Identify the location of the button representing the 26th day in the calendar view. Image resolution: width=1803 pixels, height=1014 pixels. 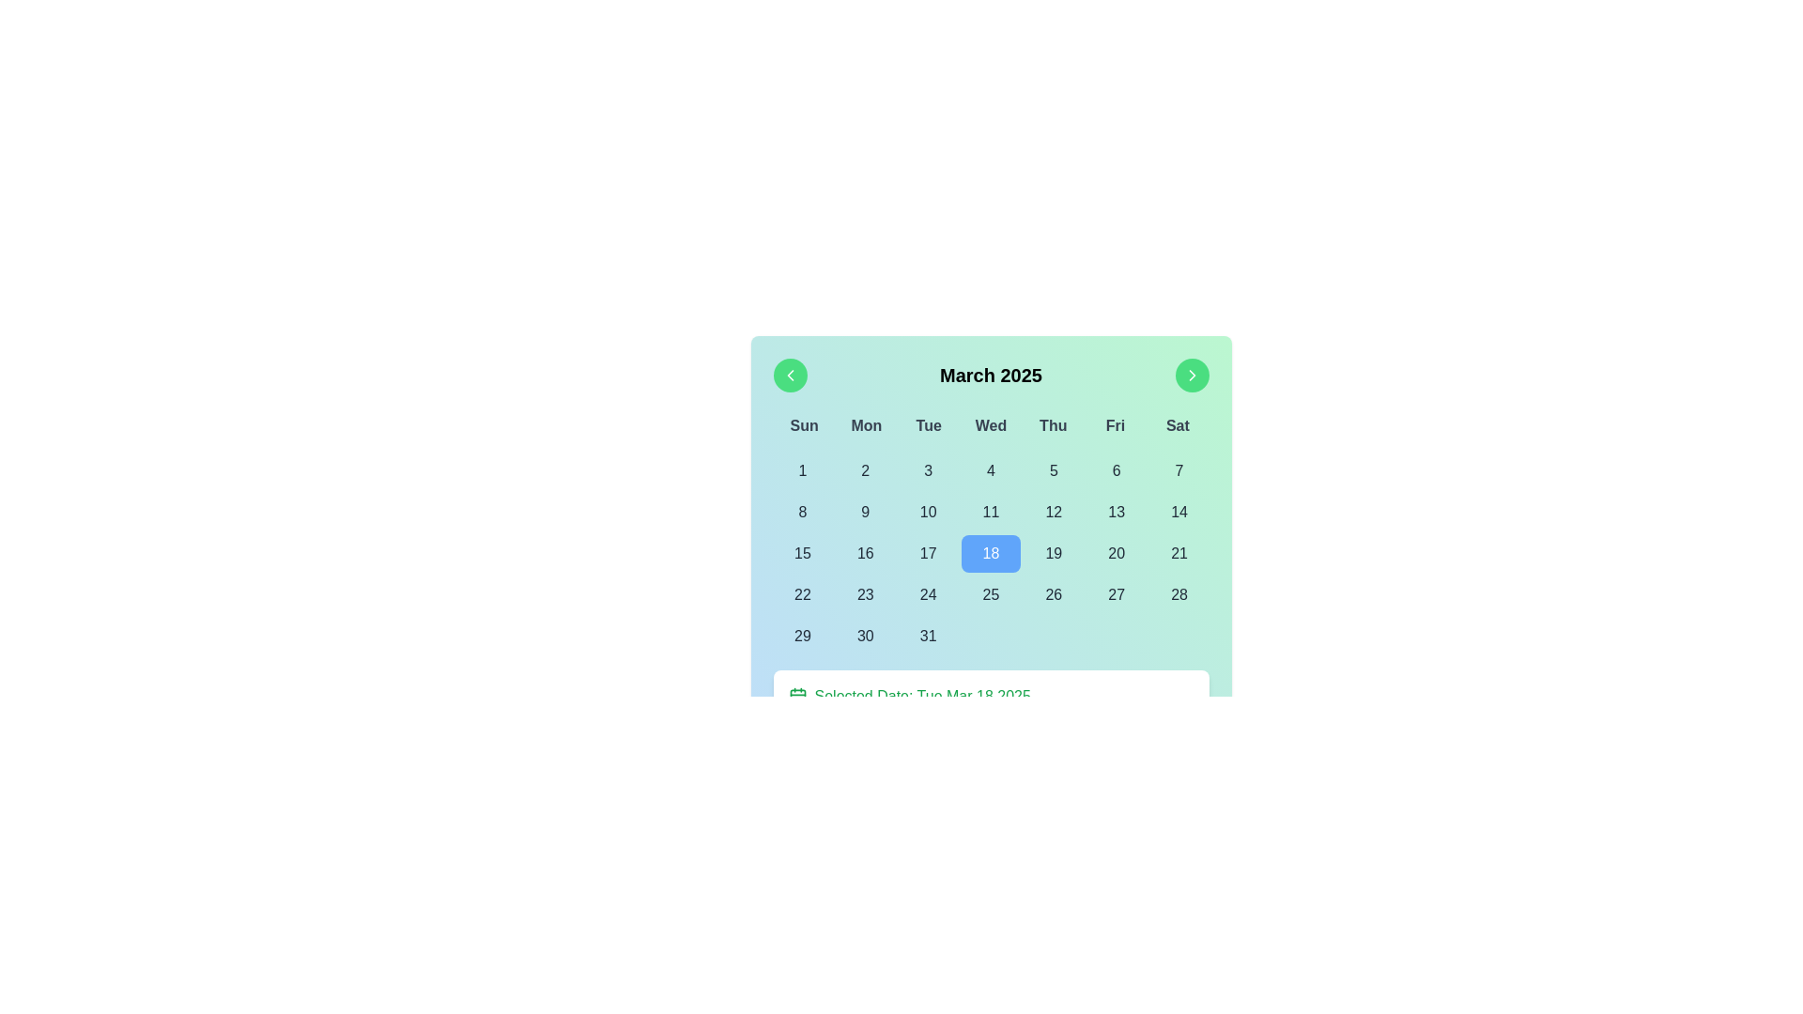
(1054, 594).